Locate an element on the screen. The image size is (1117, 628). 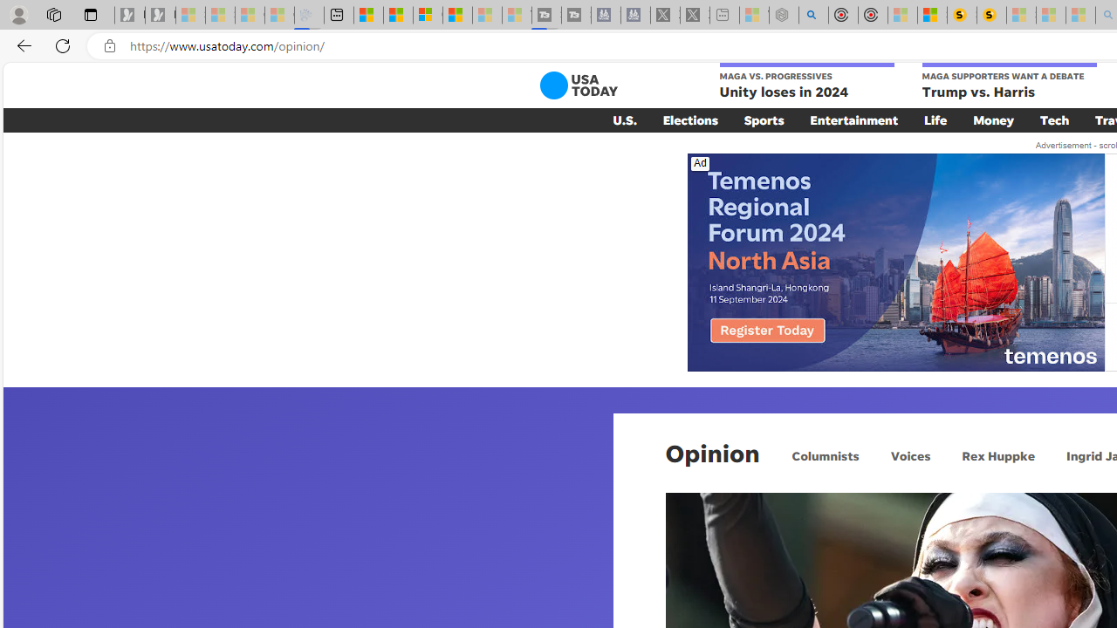
'Refresh' is located at coordinates (63, 44).